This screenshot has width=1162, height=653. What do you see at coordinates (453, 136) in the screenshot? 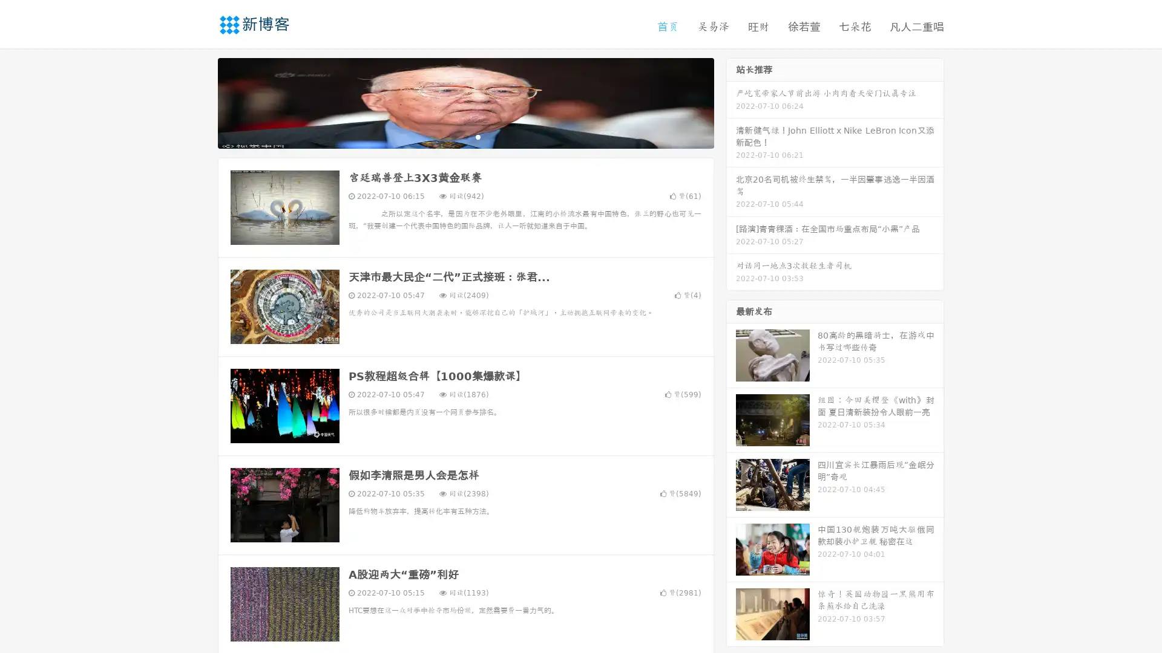
I see `Go to slide 1` at bounding box center [453, 136].